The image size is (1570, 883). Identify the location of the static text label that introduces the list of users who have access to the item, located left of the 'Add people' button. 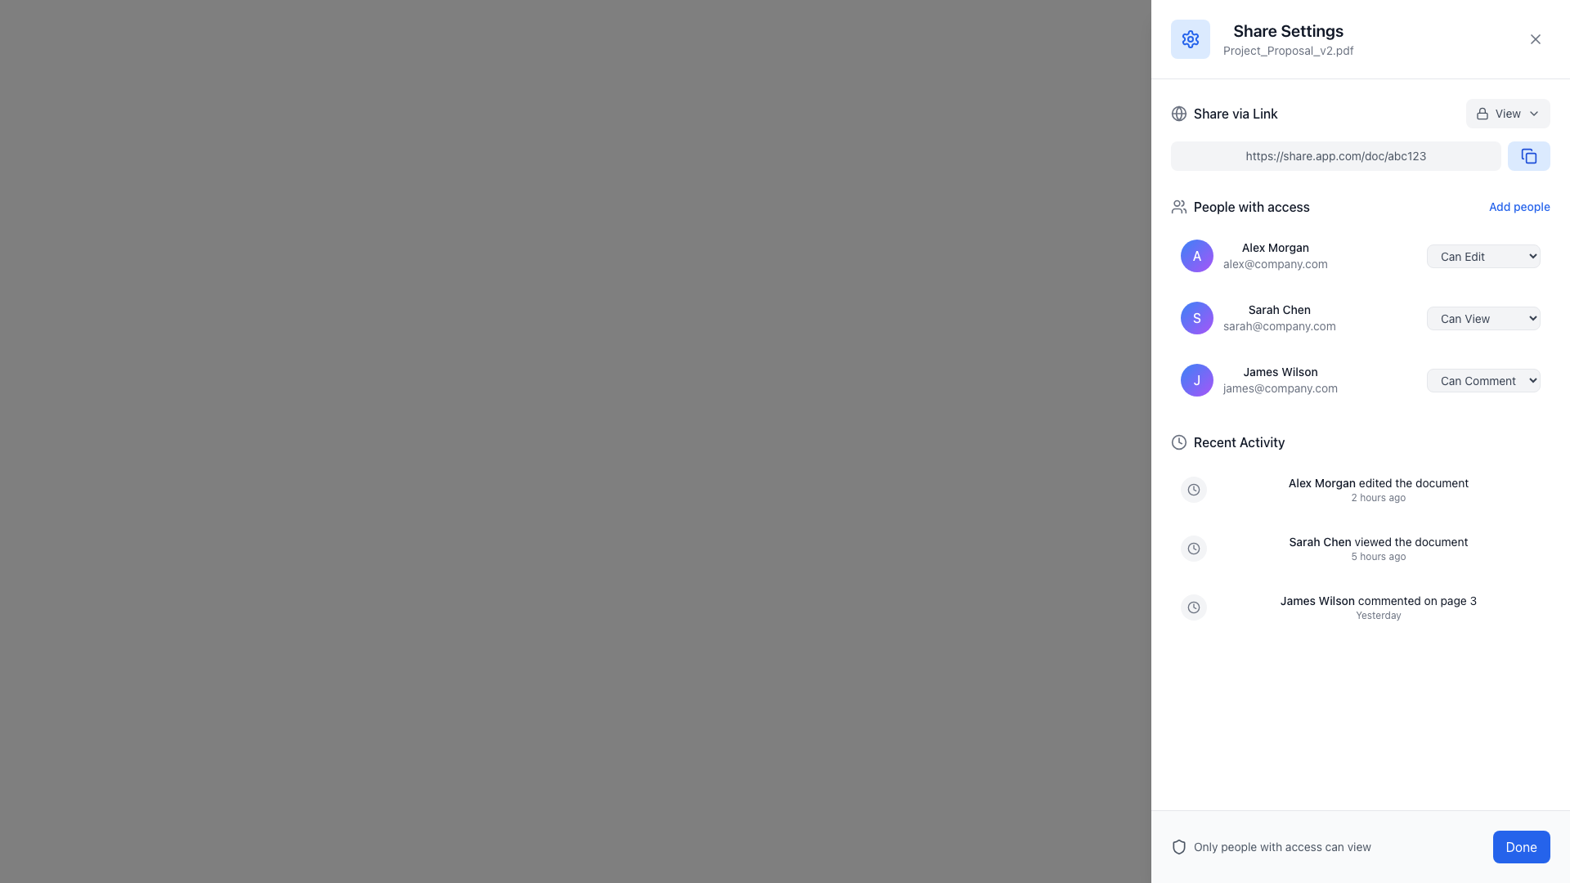
(1240, 206).